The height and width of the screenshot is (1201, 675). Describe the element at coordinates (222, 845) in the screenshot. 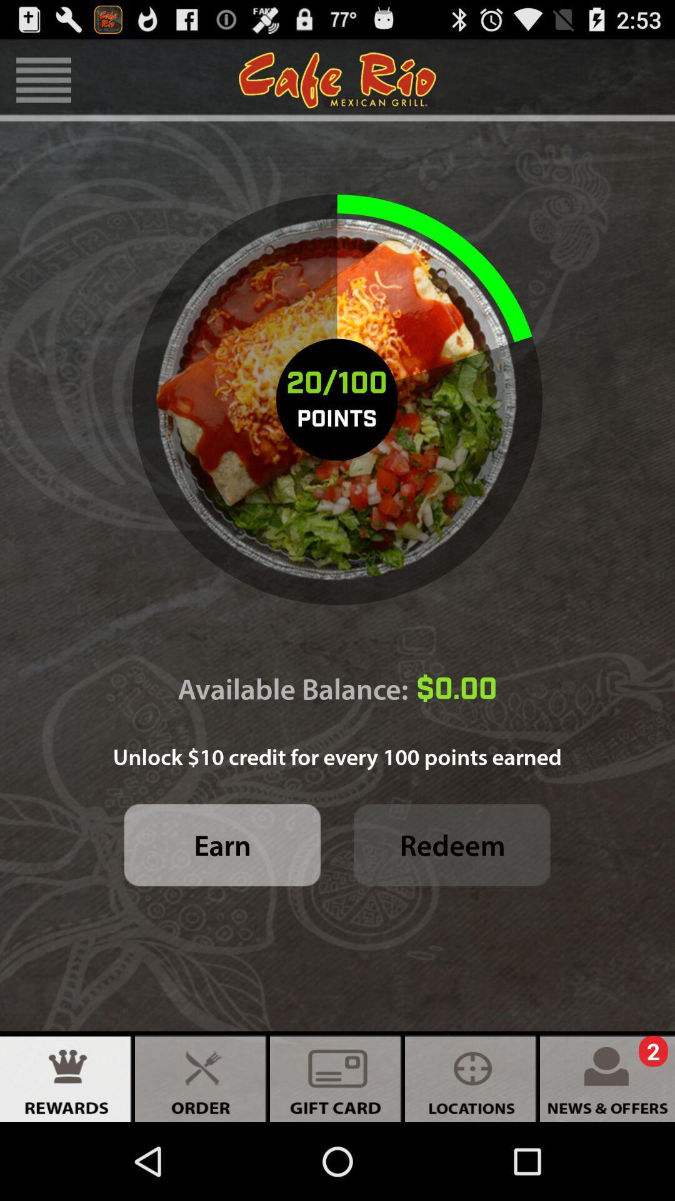

I see `earn icon` at that location.